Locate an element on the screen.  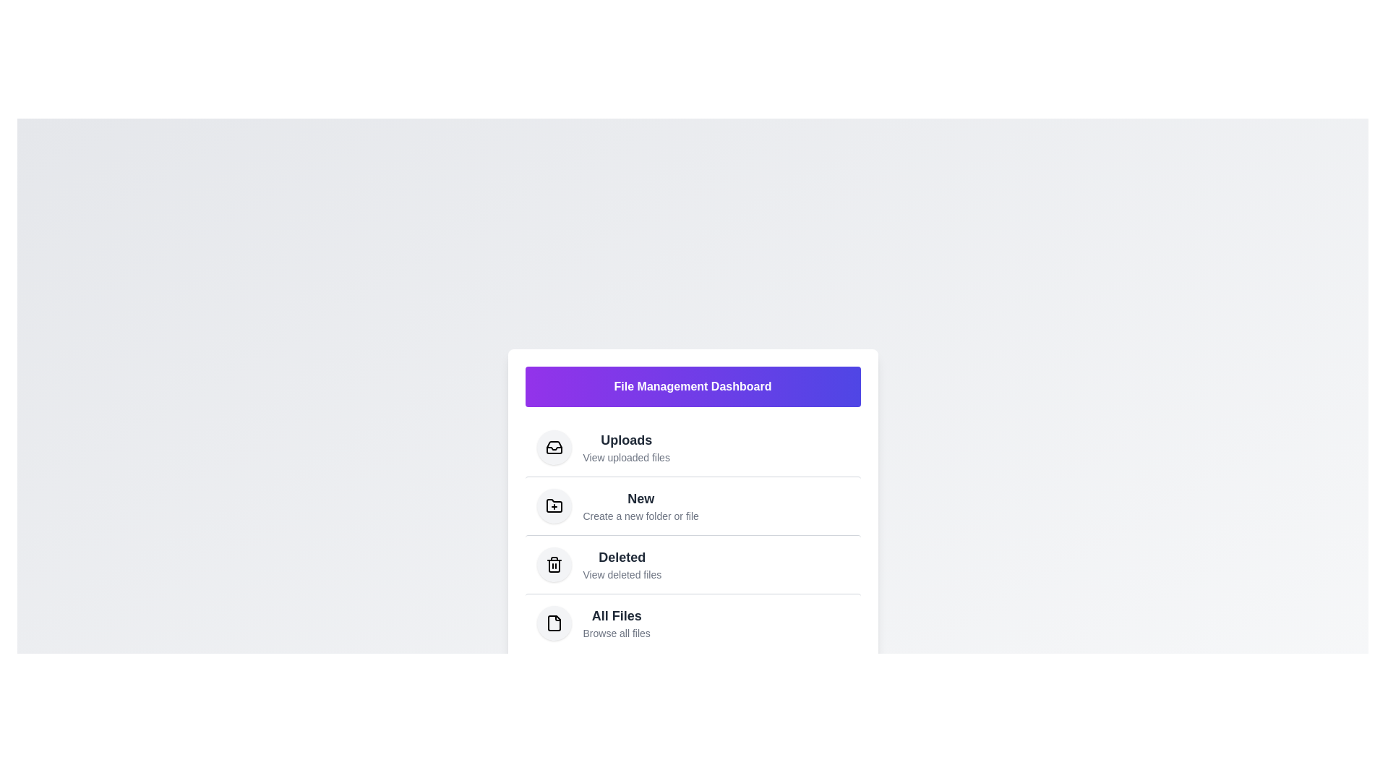
the text element labeled 'All Files' to select it is located at coordinates (617, 615).